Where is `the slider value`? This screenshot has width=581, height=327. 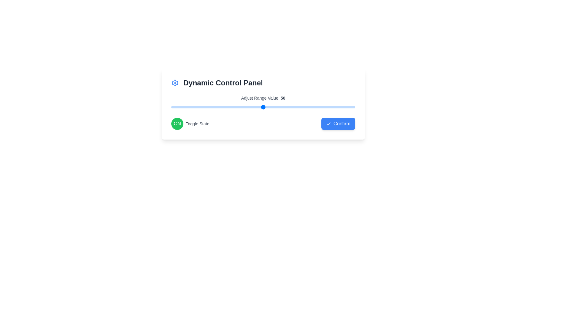
the slider value is located at coordinates (340, 107).